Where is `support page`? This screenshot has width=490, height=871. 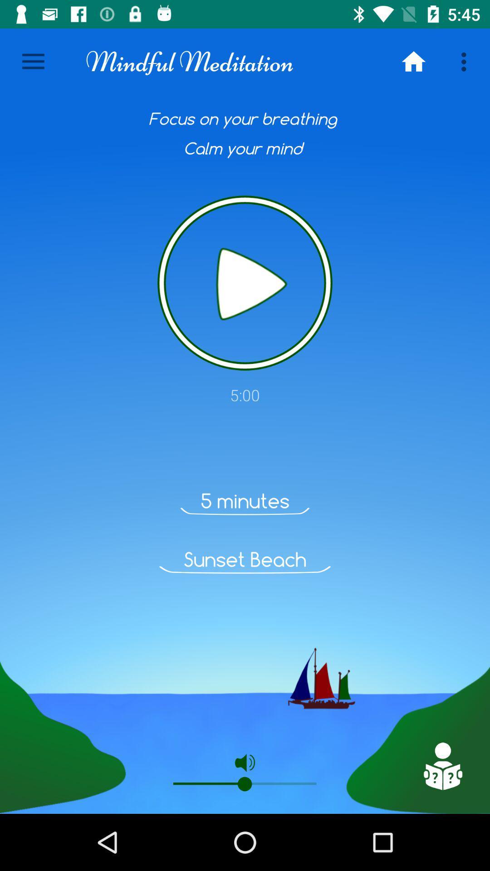
support page is located at coordinates (442, 766).